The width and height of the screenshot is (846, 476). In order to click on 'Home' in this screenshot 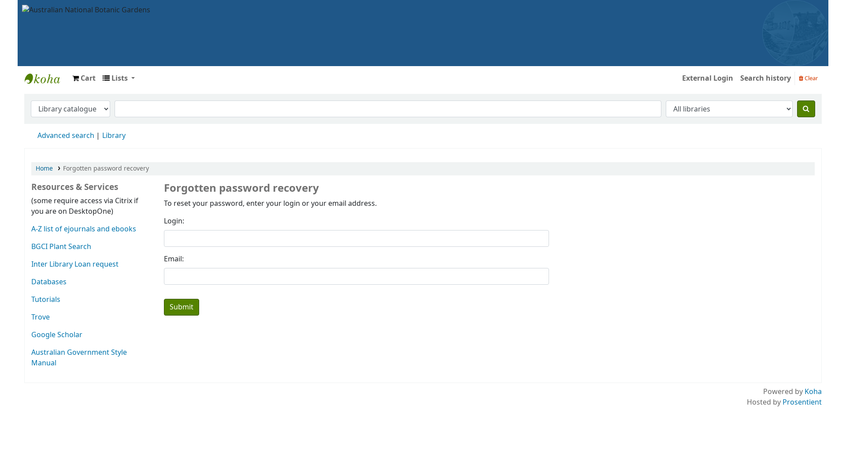, I will do `click(44, 168)`.